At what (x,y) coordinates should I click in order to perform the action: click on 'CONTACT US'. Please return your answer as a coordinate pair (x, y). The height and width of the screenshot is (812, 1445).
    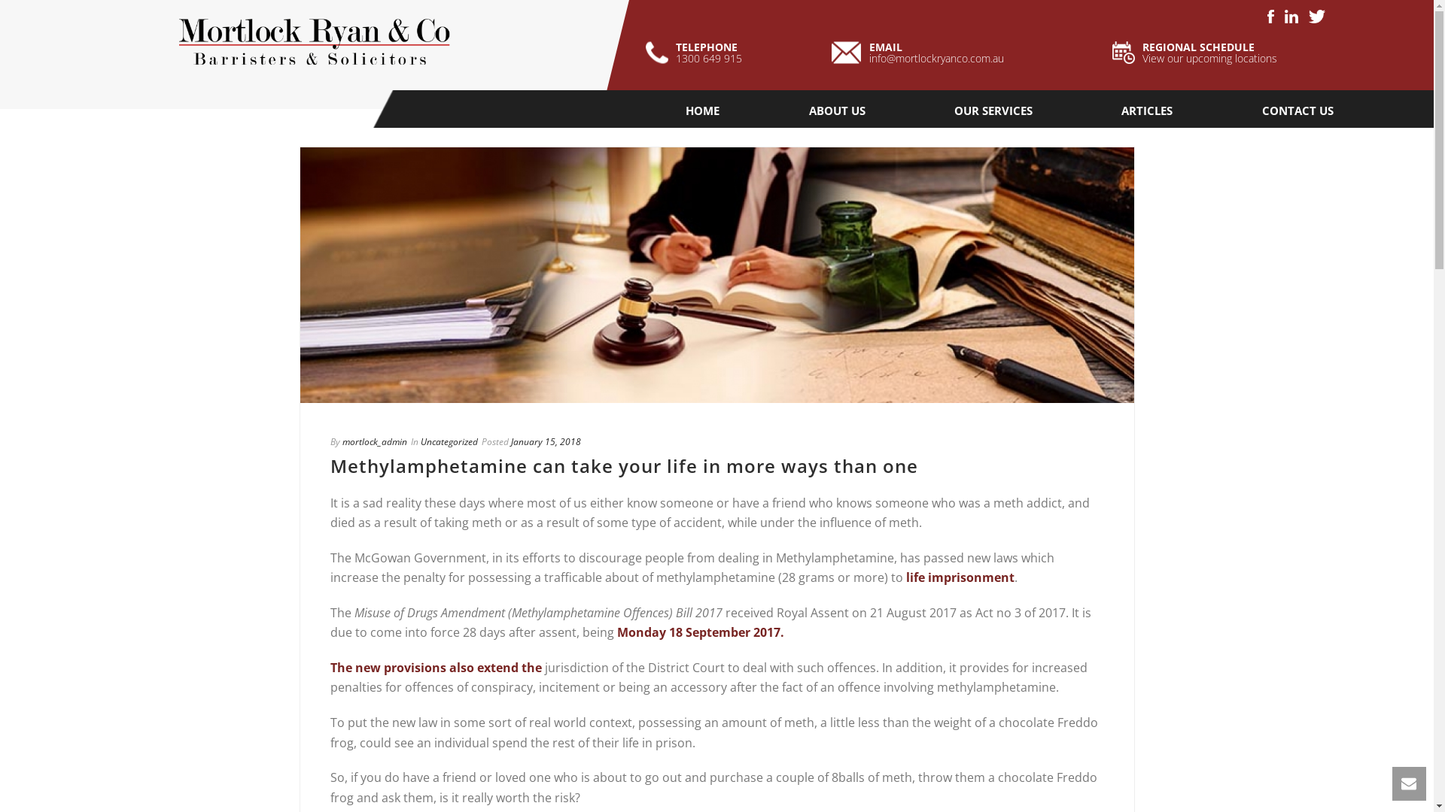
    Looking at the image, I should click on (1297, 109).